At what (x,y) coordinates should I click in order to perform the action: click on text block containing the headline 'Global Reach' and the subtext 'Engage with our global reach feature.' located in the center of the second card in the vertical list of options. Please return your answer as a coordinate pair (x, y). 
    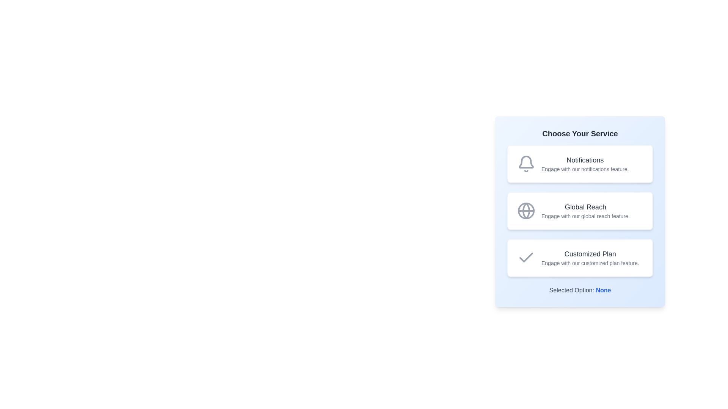
    Looking at the image, I should click on (585, 211).